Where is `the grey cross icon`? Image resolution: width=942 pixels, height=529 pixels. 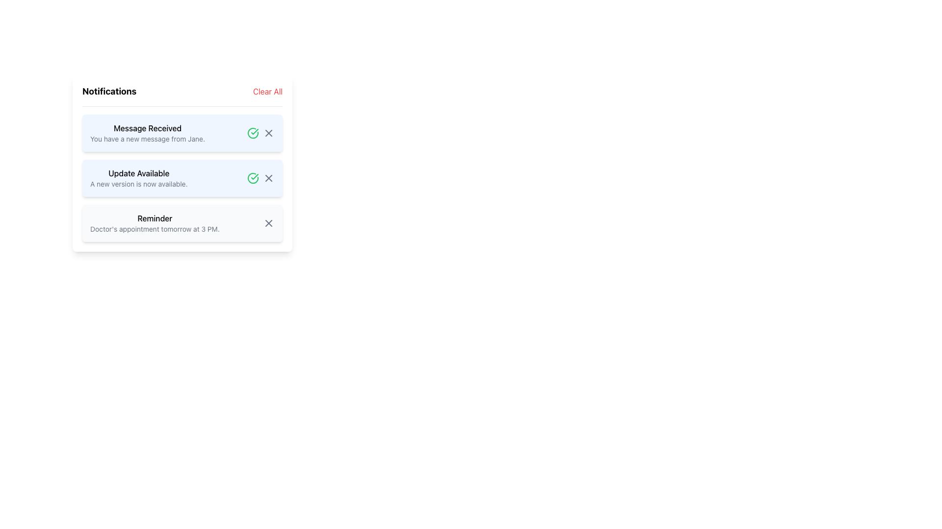 the grey cross icon is located at coordinates (261, 133).